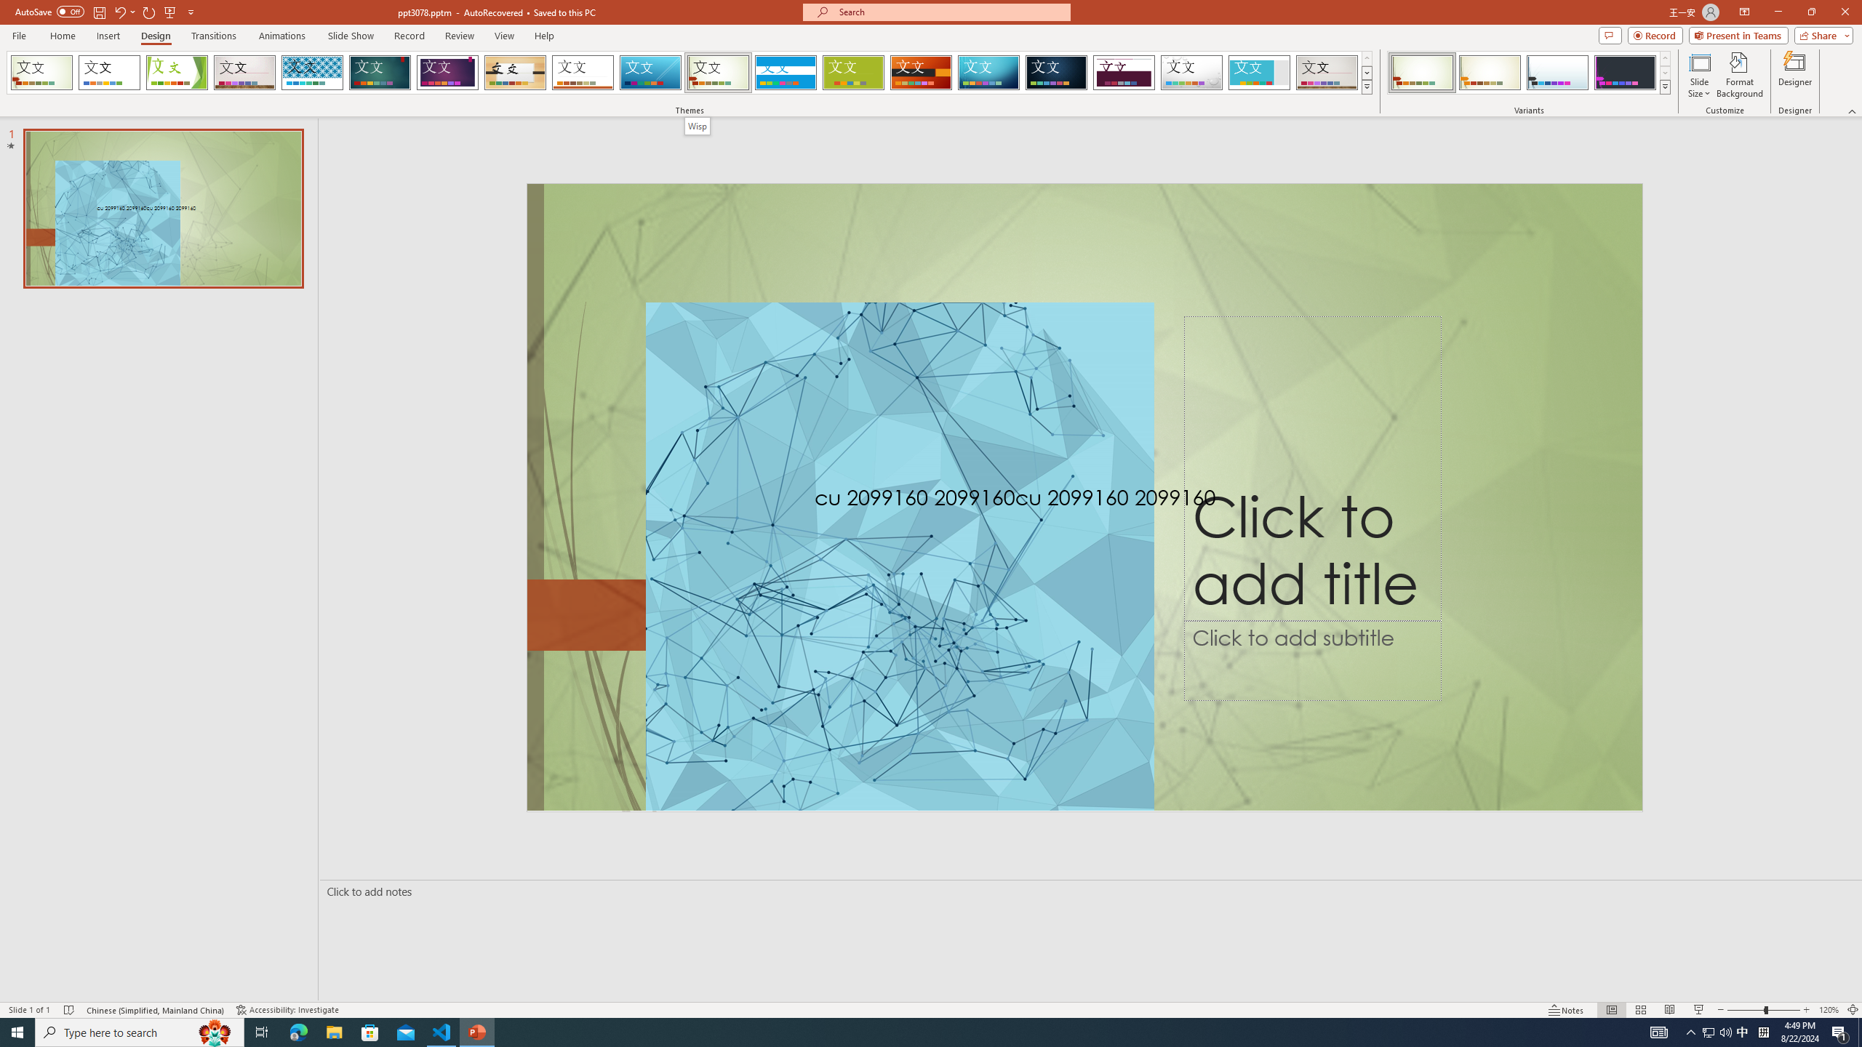  What do you see at coordinates (1806, 1010) in the screenshot?
I see `'Zoom In'` at bounding box center [1806, 1010].